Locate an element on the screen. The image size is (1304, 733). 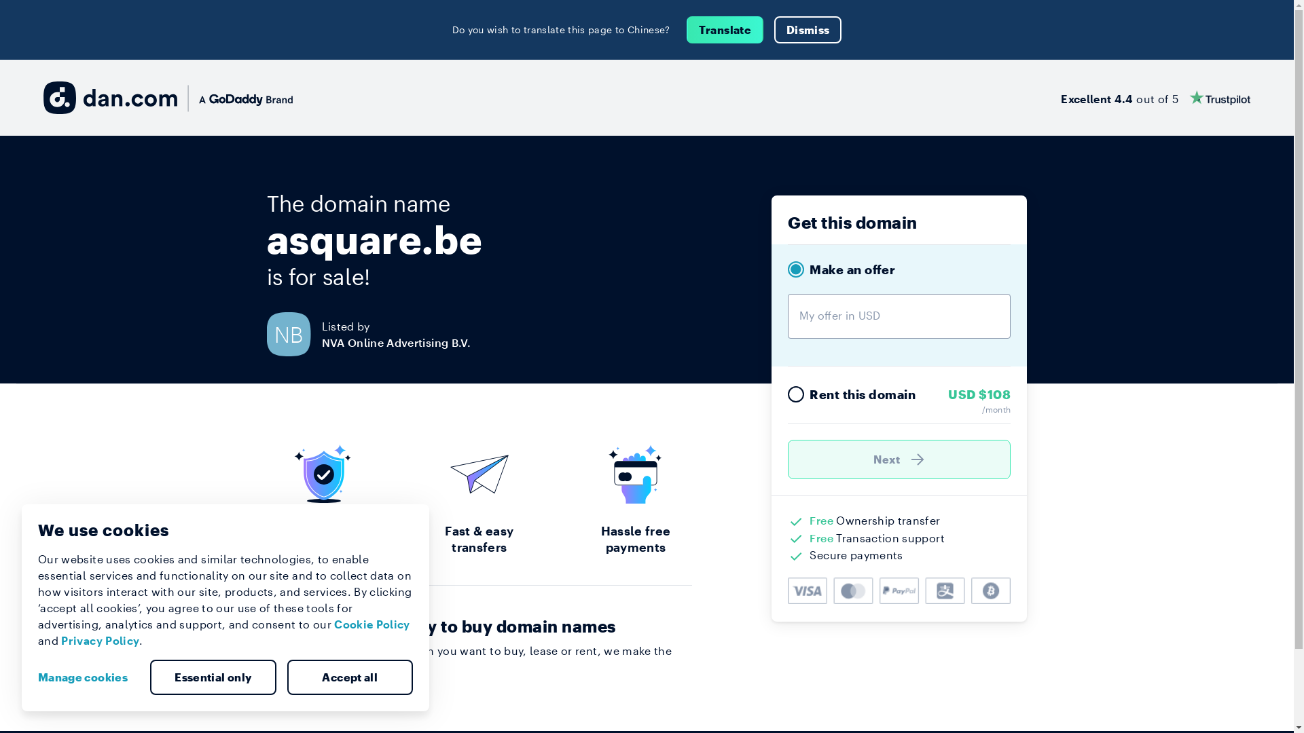
'Excellent 4.4 out of 5' is located at coordinates (1155, 96).